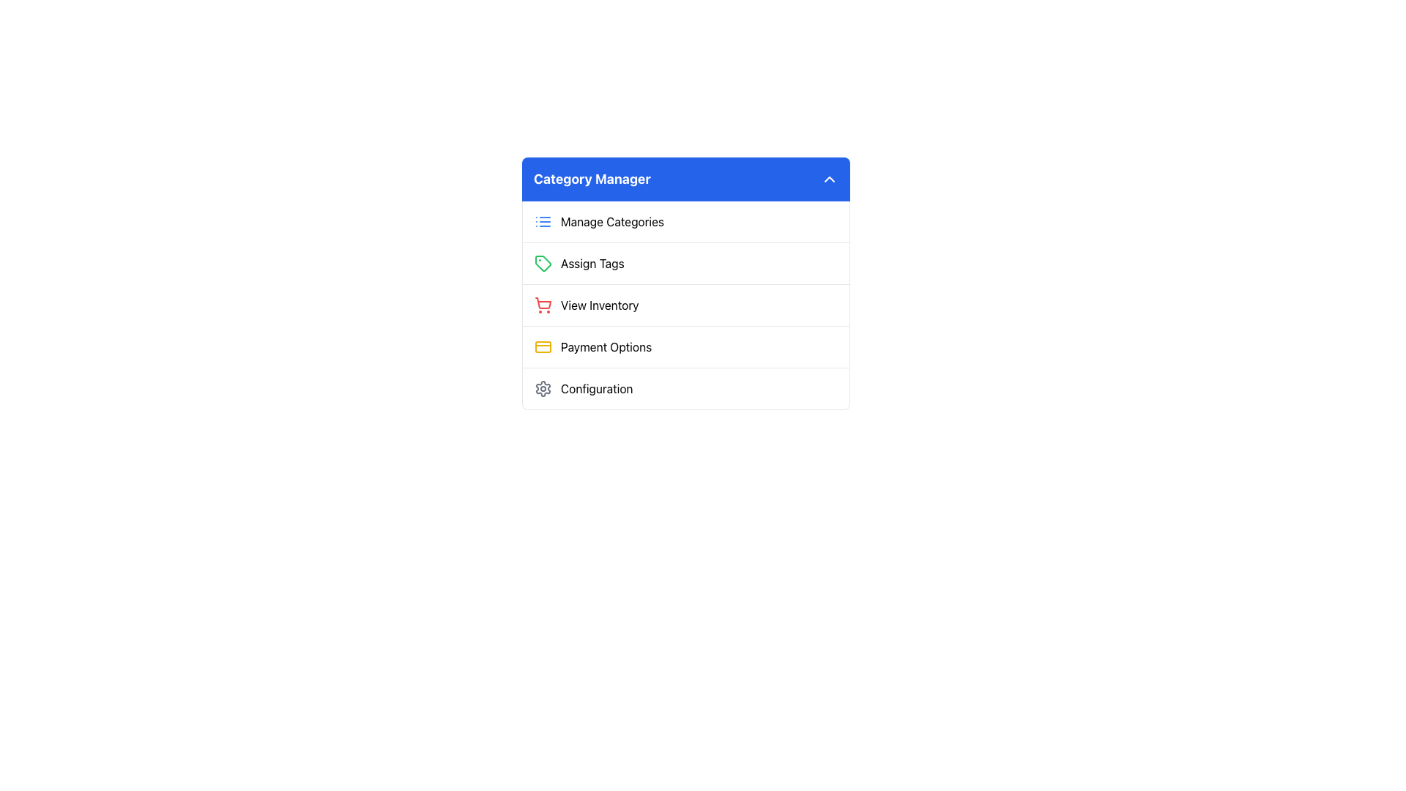  I want to click on the 'Payment Options' list item, so click(685, 346).